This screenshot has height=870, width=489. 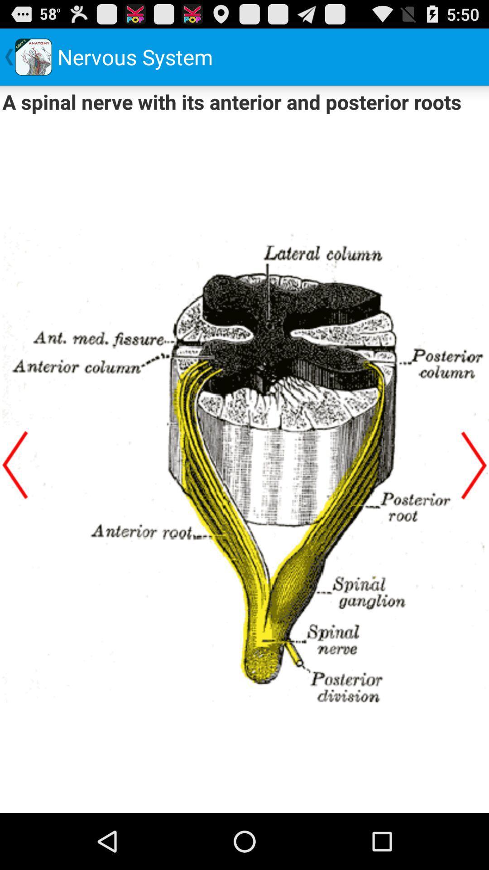 I want to click on image of a spinal nerve with its anterior and posterior roots, so click(x=244, y=465).